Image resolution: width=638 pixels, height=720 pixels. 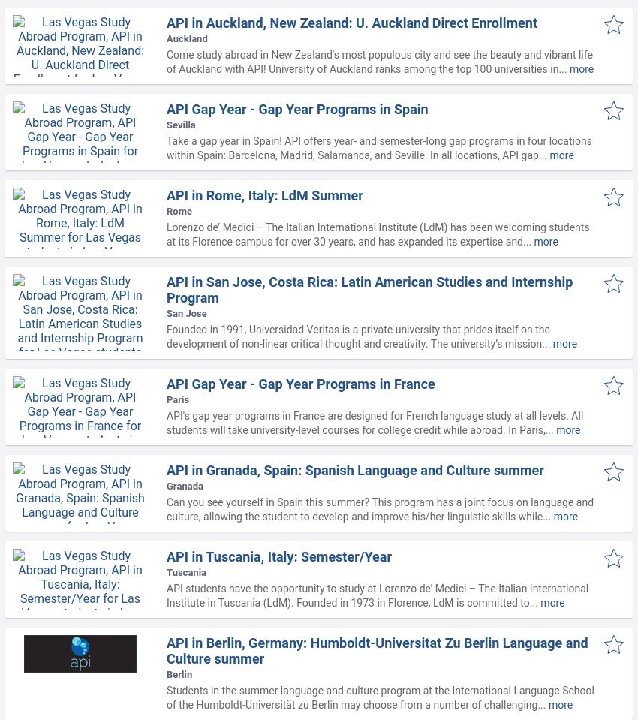 I want to click on 'API Gap Year - Gap Year Programs in France', so click(x=167, y=384).